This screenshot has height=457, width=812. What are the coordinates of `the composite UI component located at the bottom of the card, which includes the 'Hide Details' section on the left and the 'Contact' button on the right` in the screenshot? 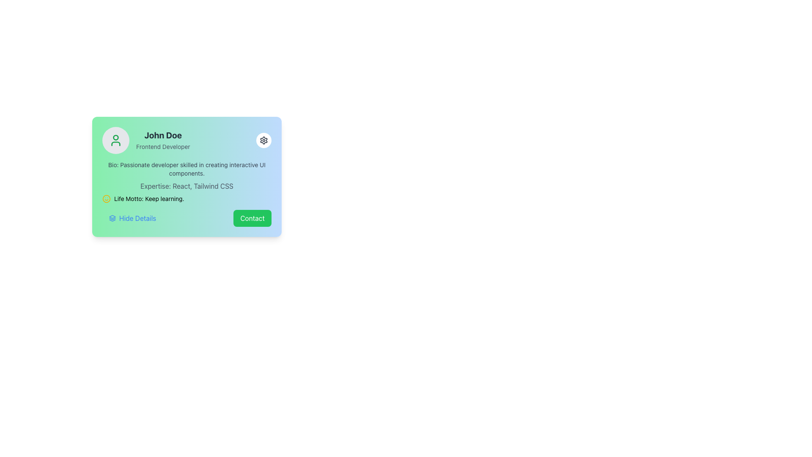 It's located at (186, 218).